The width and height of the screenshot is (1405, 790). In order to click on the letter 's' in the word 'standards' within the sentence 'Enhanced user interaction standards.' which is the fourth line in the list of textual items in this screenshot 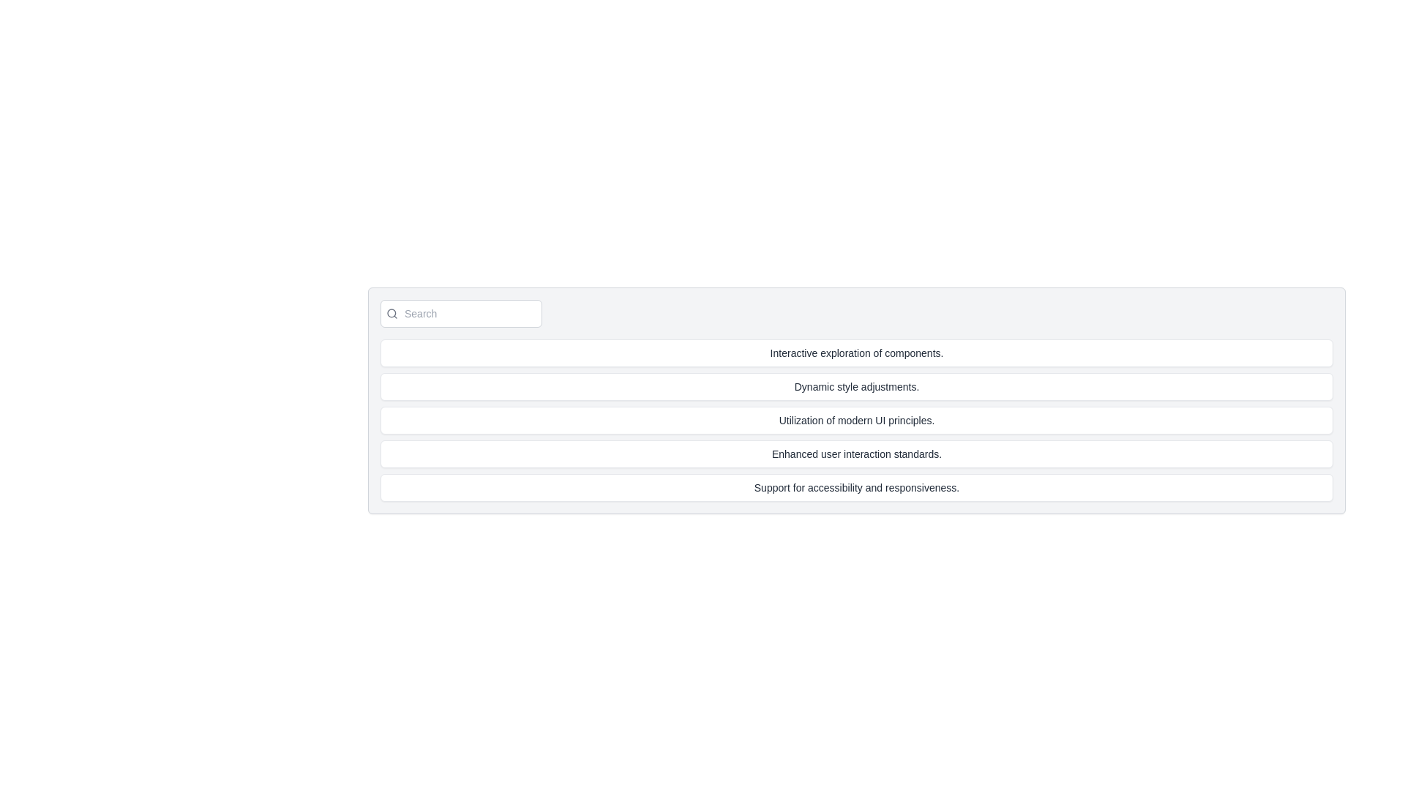, I will do `click(896, 454)`.